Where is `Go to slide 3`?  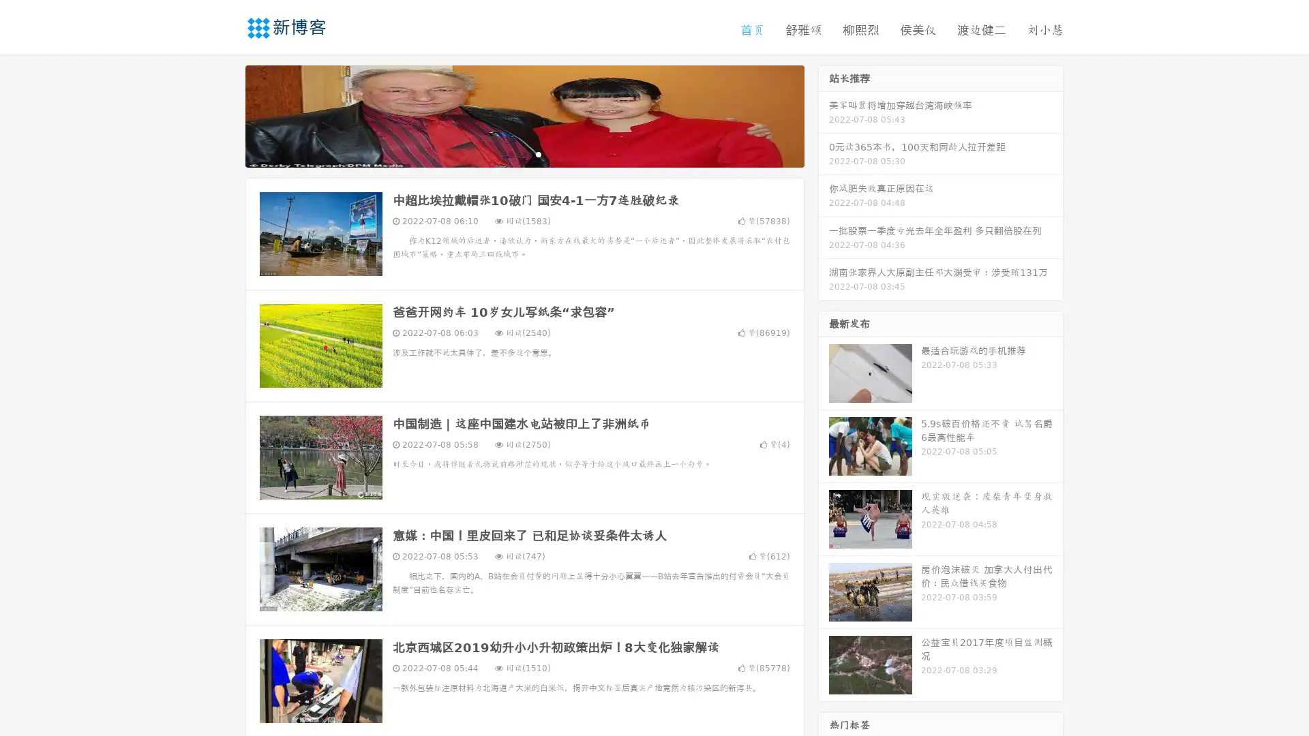
Go to slide 3 is located at coordinates (538, 153).